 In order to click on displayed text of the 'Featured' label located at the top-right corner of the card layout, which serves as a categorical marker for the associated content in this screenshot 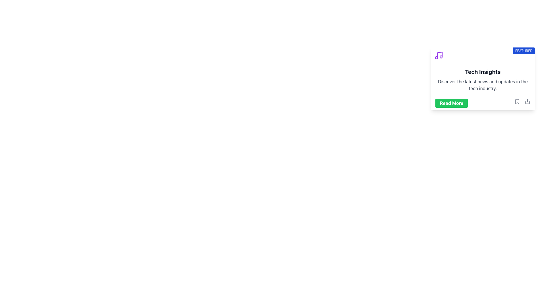, I will do `click(524, 50)`.